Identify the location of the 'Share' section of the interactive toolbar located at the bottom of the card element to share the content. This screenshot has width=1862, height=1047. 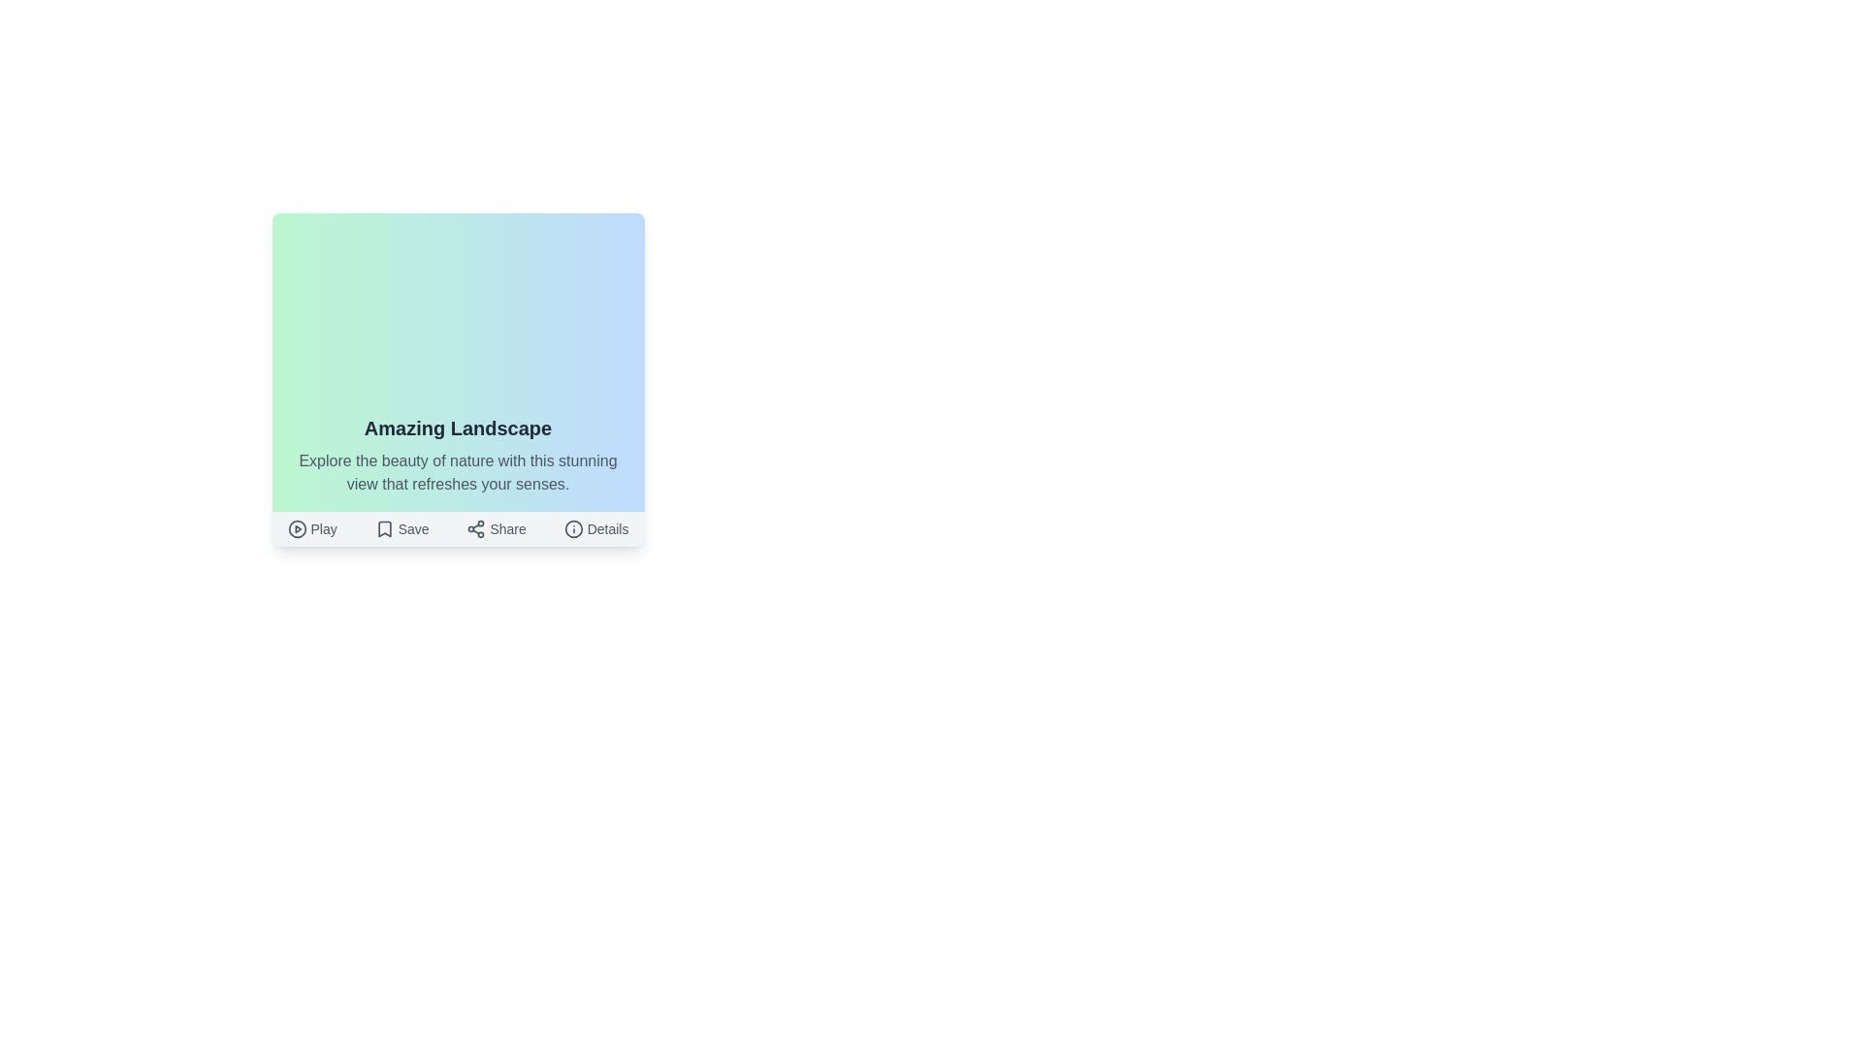
(457, 529).